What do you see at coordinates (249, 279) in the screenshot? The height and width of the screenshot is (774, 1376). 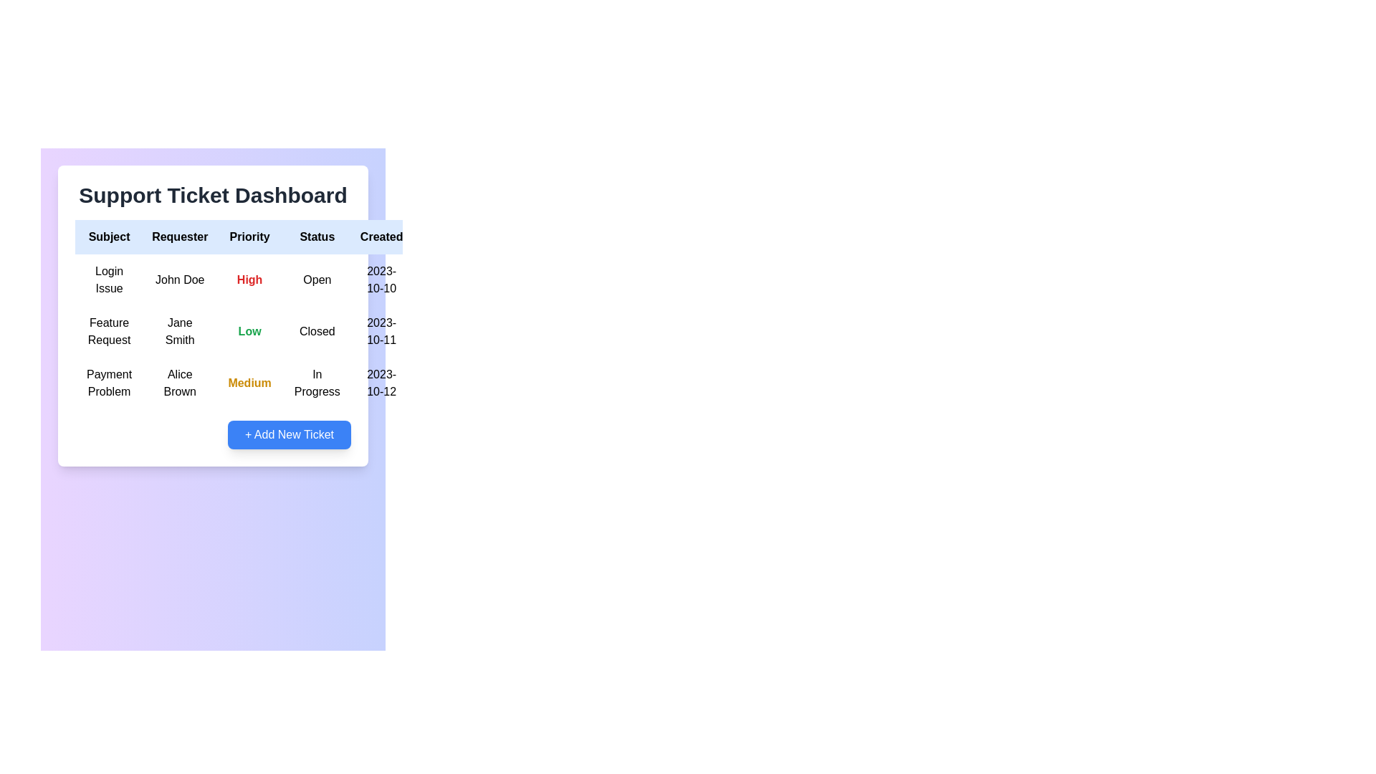 I see `text label displaying 'High' in bold red font, which indicates priority in the table row between 'John Doe' and 'Open'` at bounding box center [249, 279].